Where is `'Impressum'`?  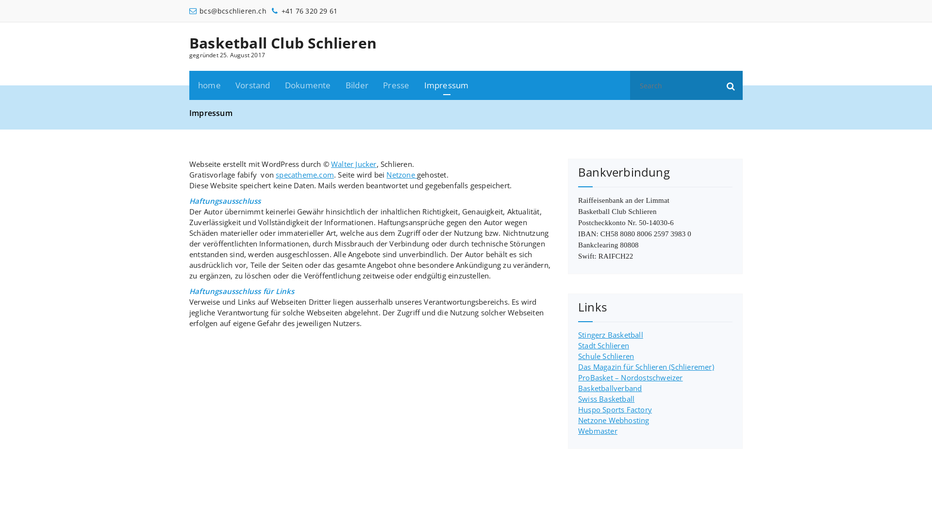 'Impressum' is located at coordinates (417, 85).